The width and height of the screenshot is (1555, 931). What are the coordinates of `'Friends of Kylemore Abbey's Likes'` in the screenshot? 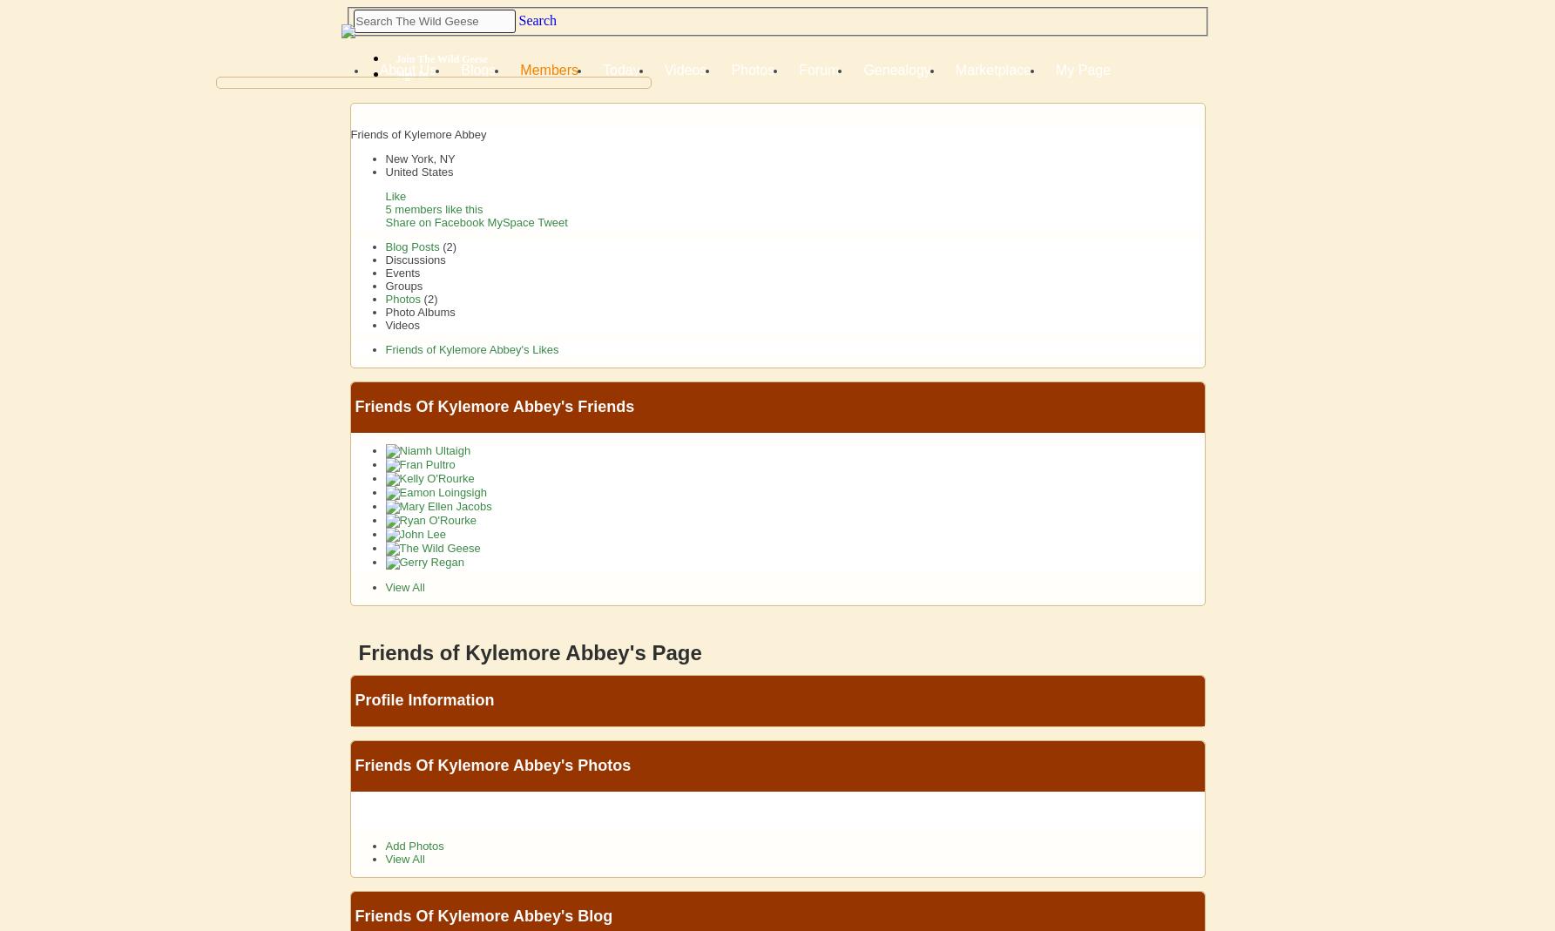 It's located at (383, 349).